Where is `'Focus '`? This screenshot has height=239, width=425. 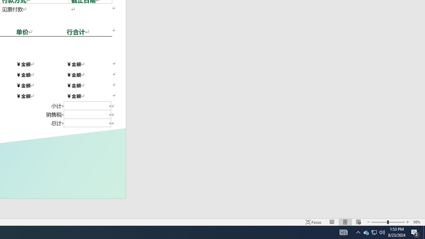 'Focus ' is located at coordinates (313, 222).